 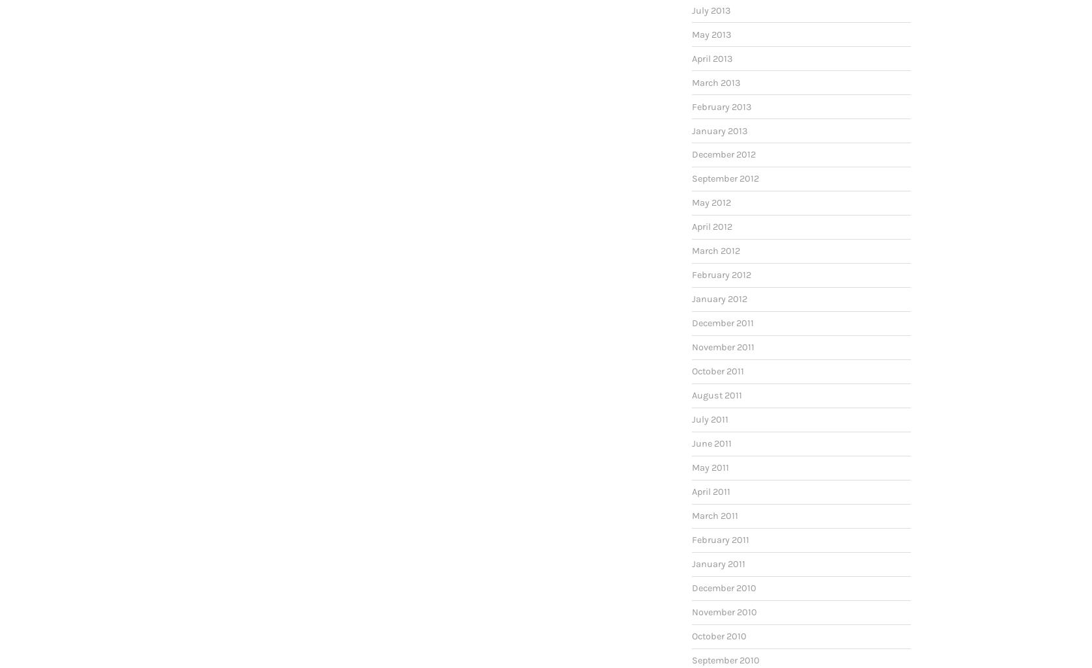 What do you see at coordinates (717, 370) in the screenshot?
I see `'October 2011'` at bounding box center [717, 370].